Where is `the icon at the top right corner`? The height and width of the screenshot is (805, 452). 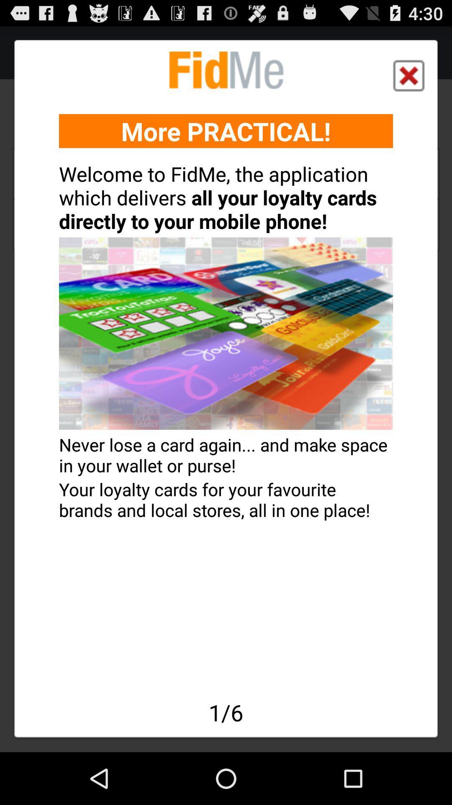 the icon at the top right corner is located at coordinates (408, 75).